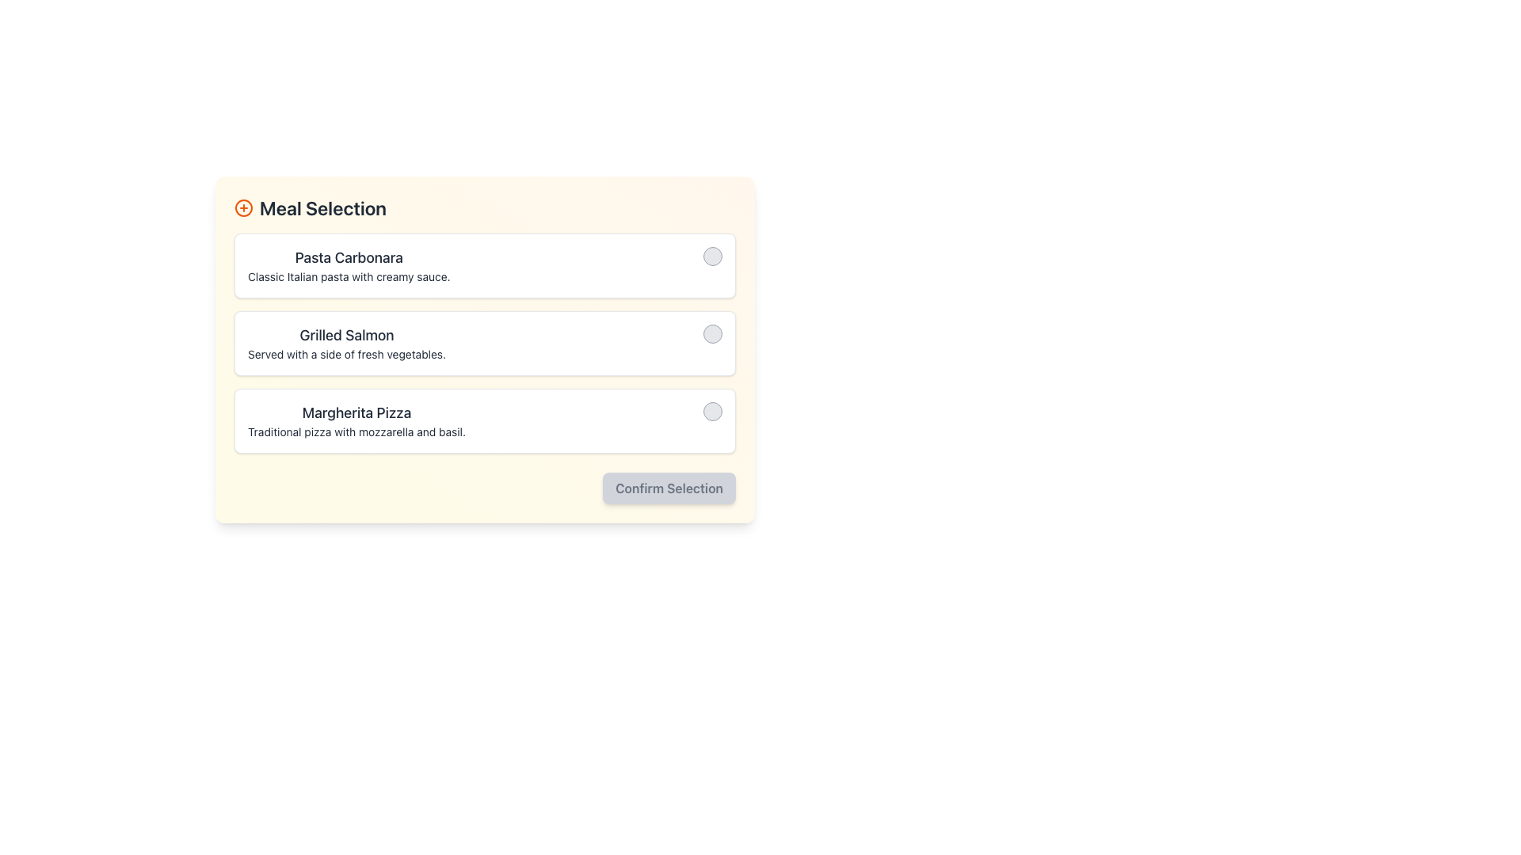 The width and height of the screenshot is (1521, 855). Describe the element at coordinates (346, 353) in the screenshot. I see `the static text element displaying 'Served with a side of fresh vegetables.' located below the 'Grilled Salmon' title in the menu section` at that location.